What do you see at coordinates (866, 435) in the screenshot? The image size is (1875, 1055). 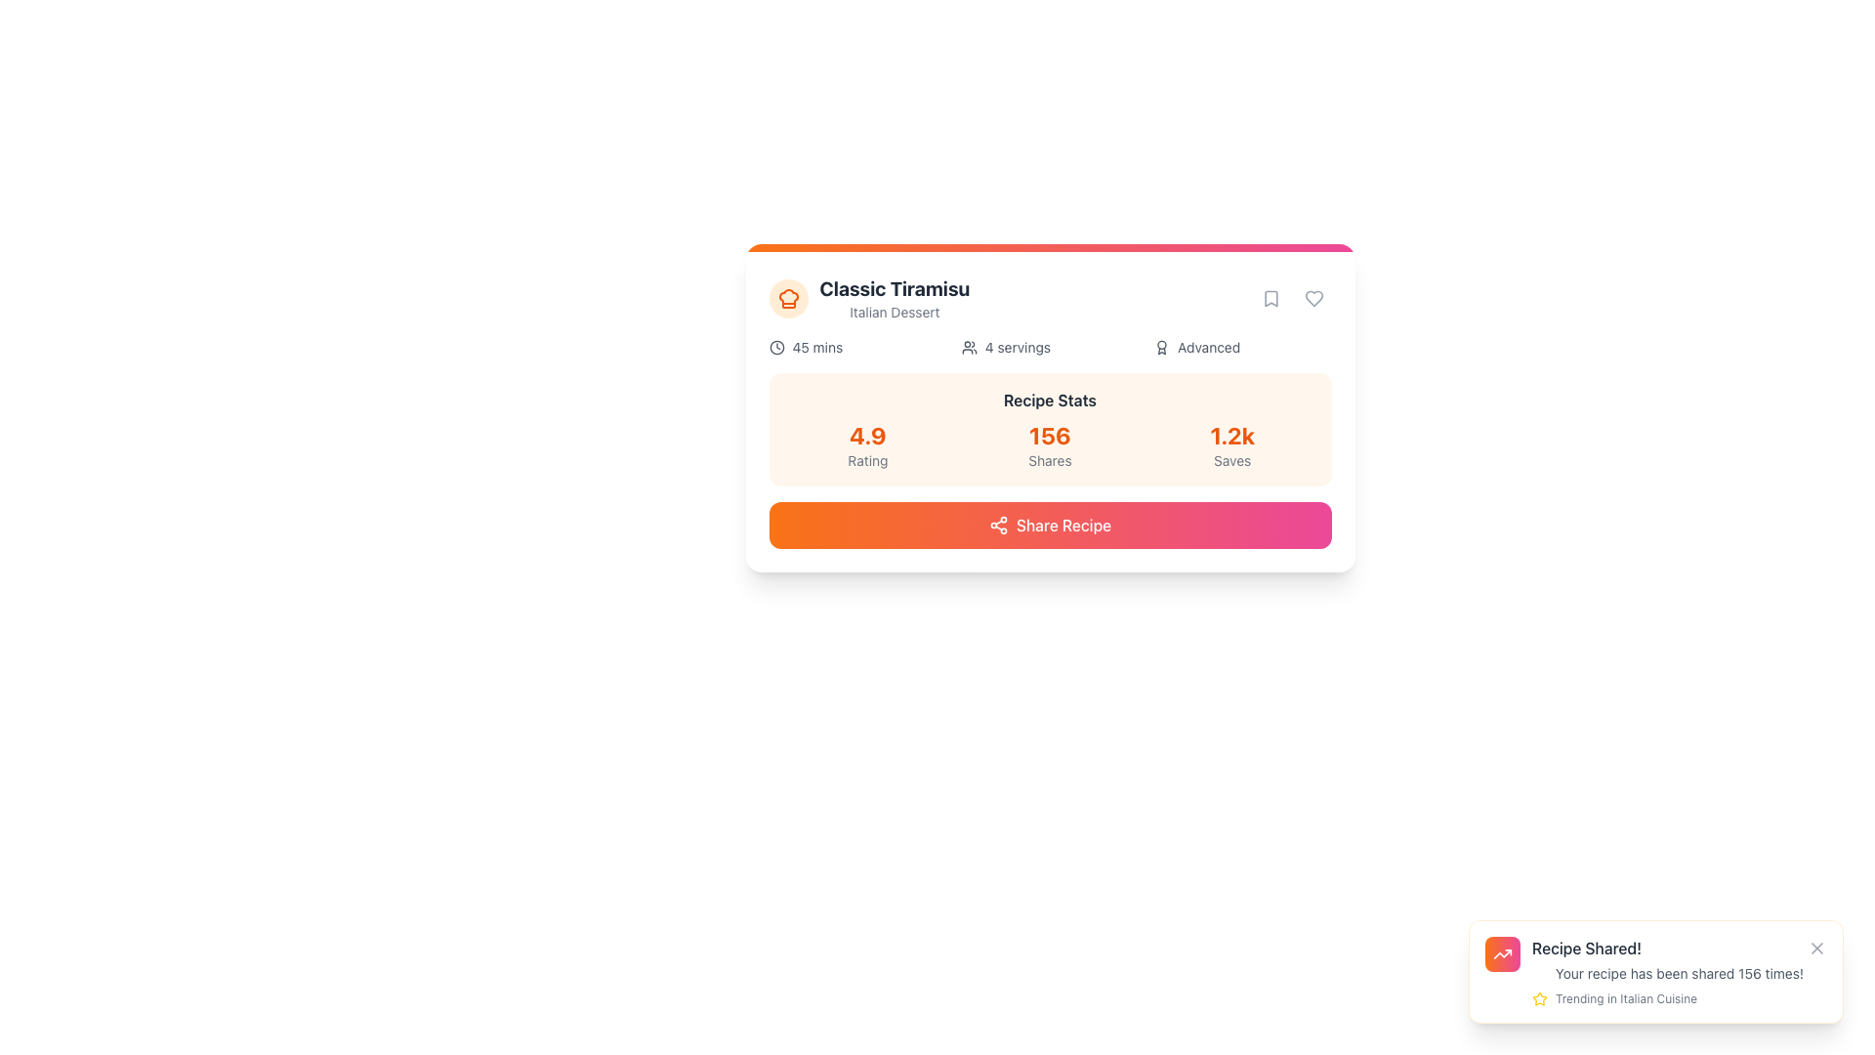 I see `the static text displaying the average rating for the recipe, located in the top-left section of the 'Recipe Stats' area, above the label 'Rating'` at bounding box center [866, 435].